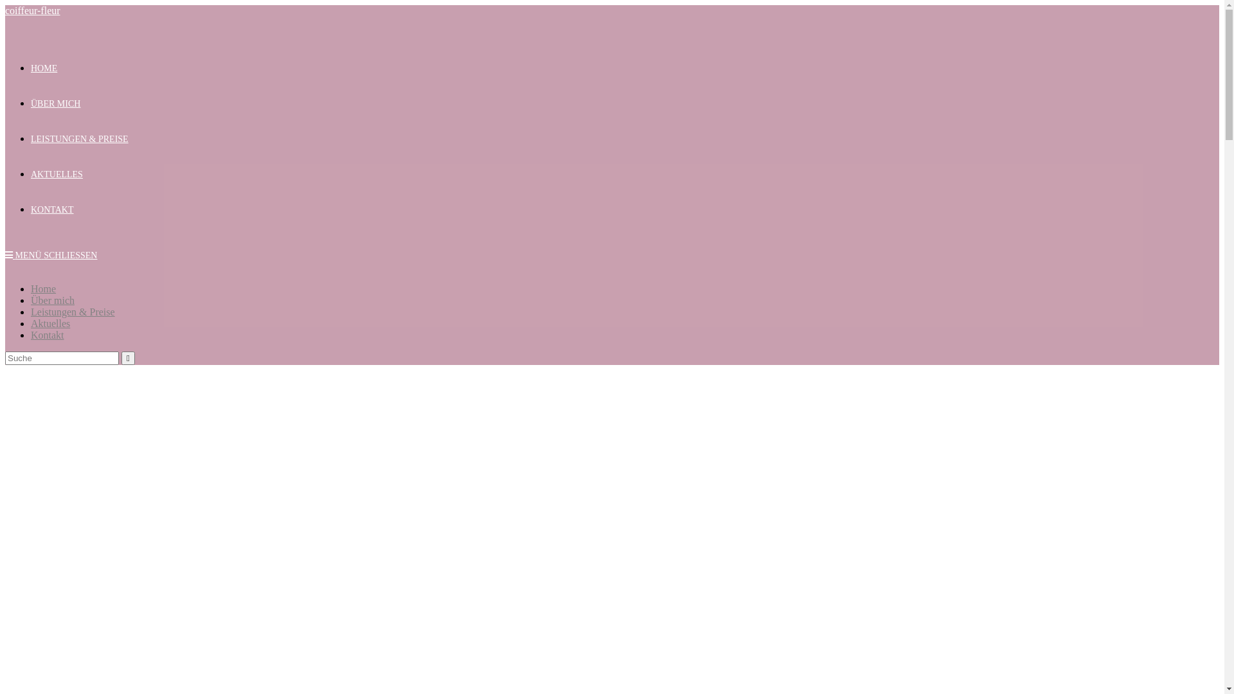  What do you see at coordinates (50, 323) in the screenshot?
I see `'Aktuelles'` at bounding box center [50, 323].